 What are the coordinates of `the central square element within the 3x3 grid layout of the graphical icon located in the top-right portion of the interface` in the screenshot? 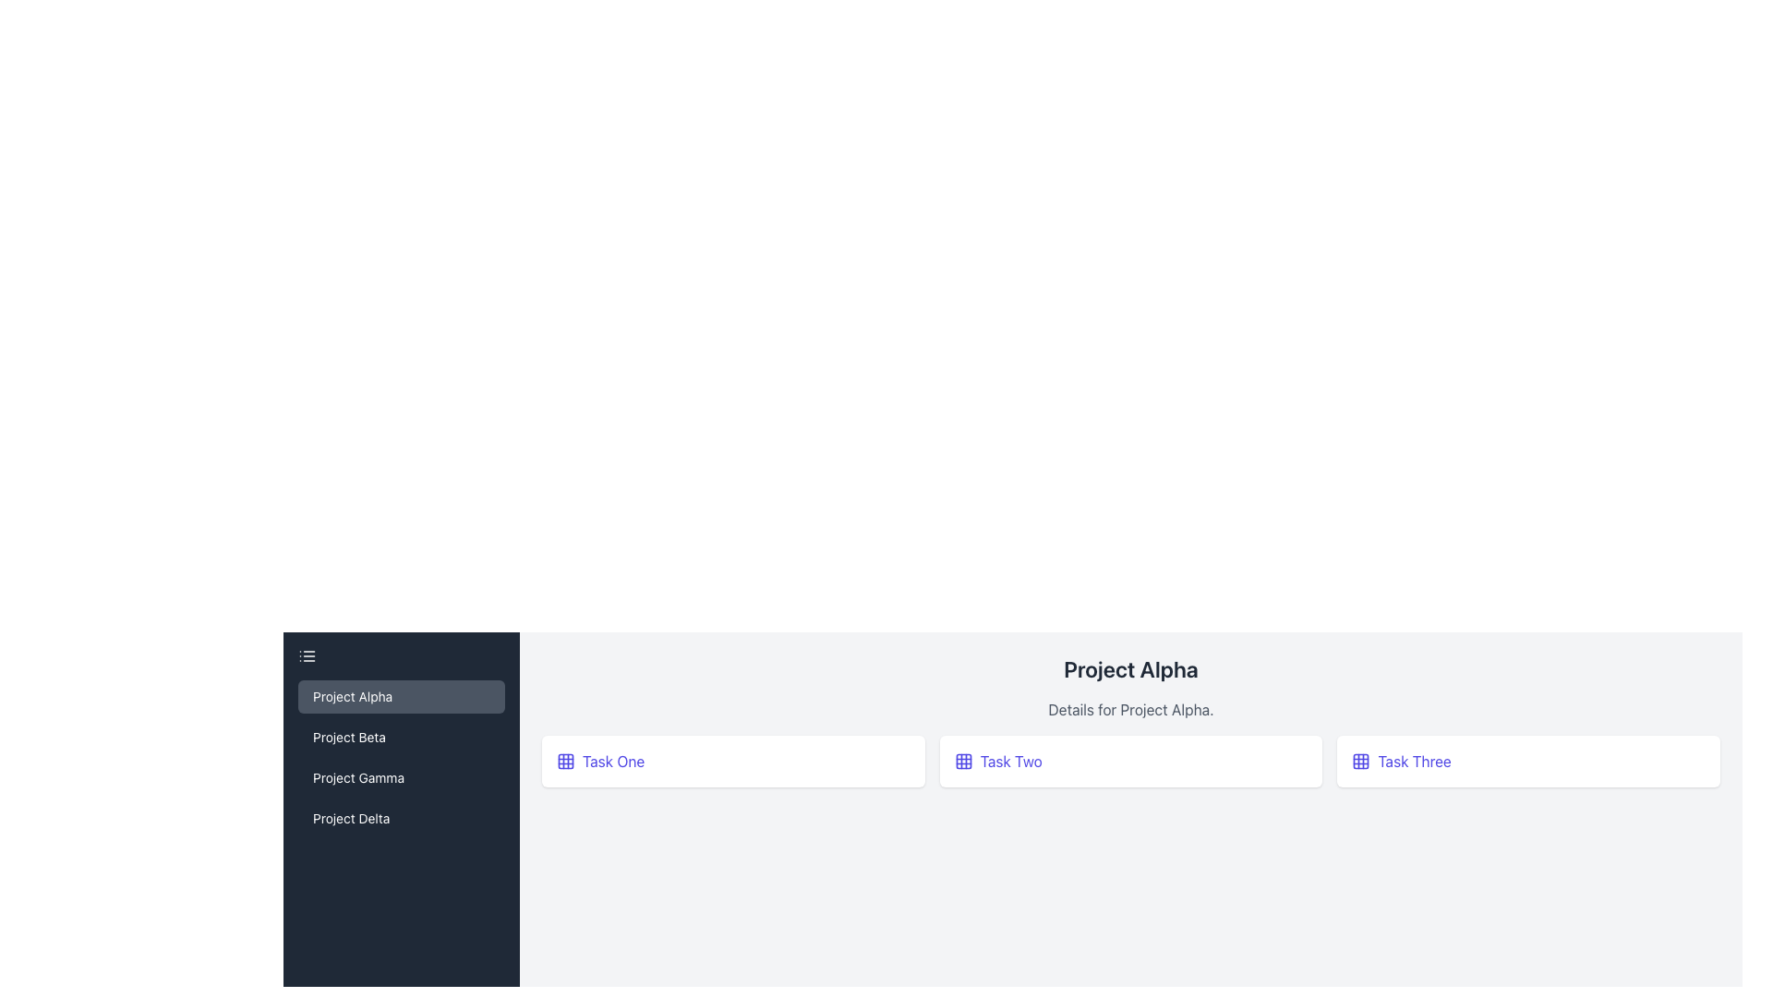 It's located at (1360, 762).